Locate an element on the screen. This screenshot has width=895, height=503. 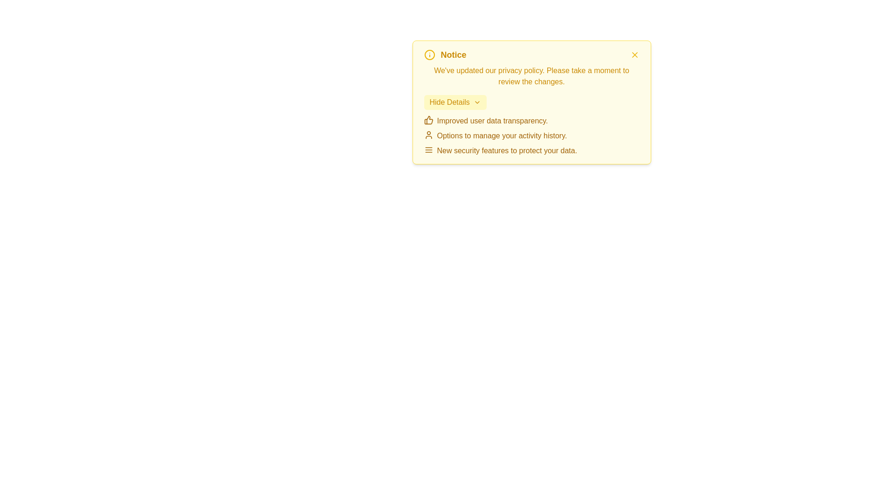
the user profile icon, which is a circular head shape above a semi-circular body outline, to visually associate it with the context of activity history is located at coordinates (428, 135).